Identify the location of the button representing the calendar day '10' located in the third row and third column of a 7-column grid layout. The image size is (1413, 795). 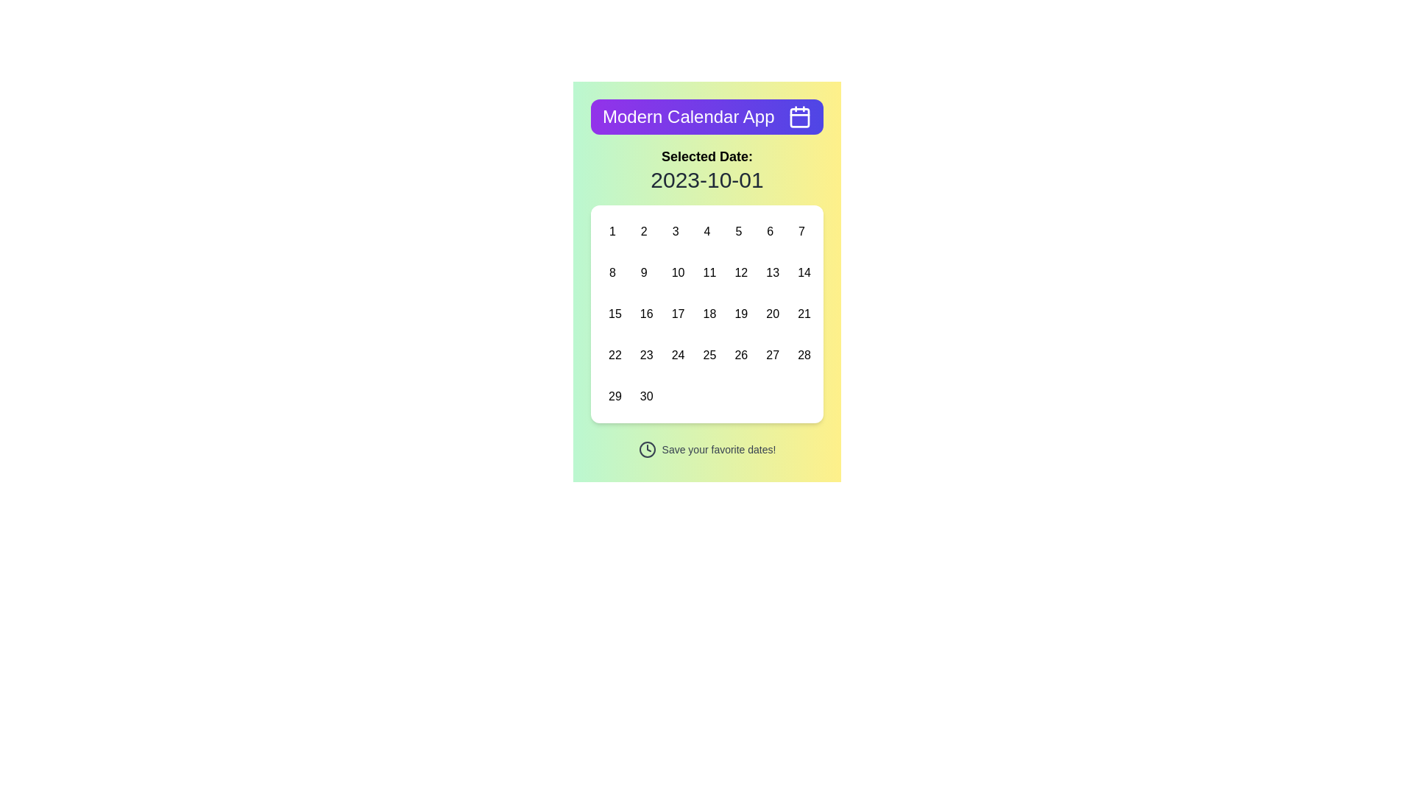
(675, 272).